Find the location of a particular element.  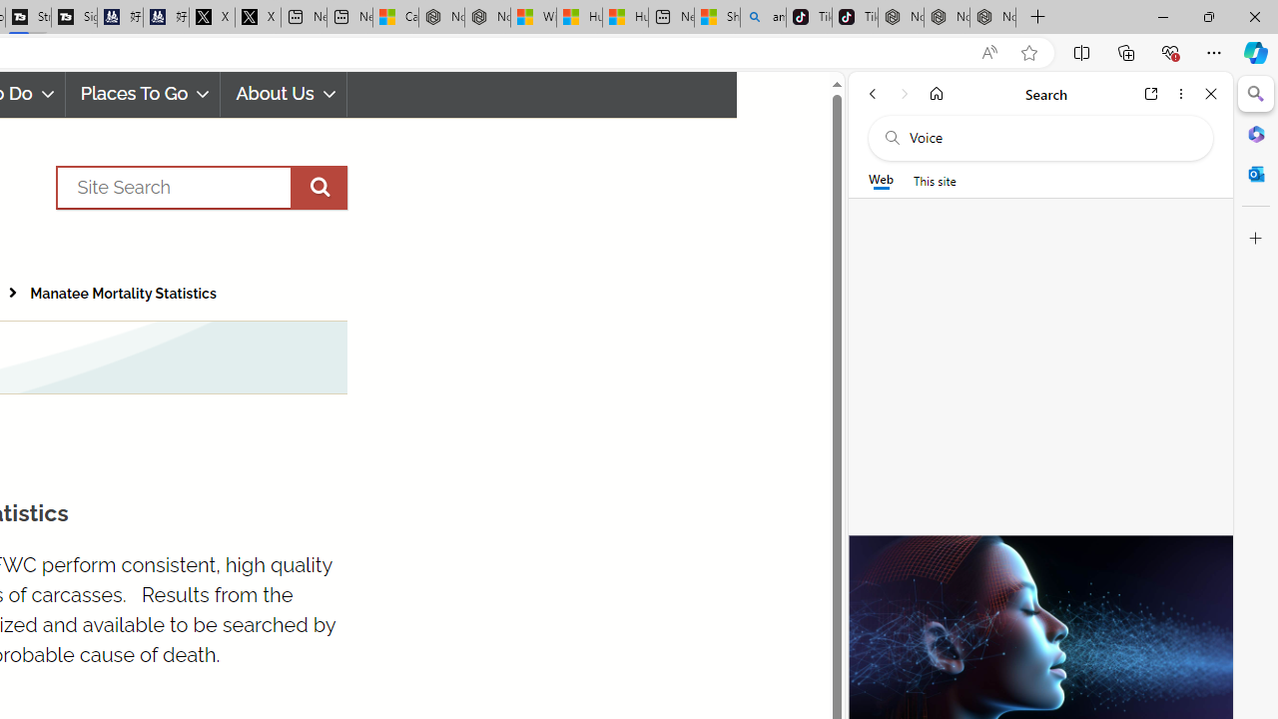

'execute site search' is located at coordinates (318, 187).